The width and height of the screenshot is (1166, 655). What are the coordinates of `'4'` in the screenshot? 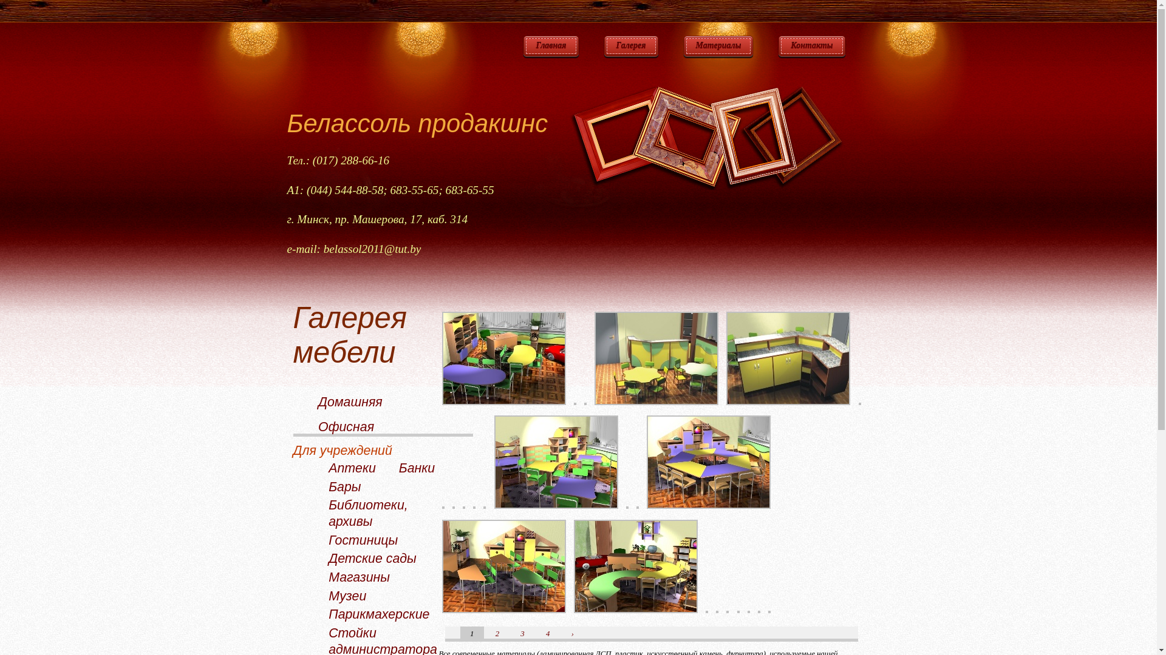 It's located at (545, 633).